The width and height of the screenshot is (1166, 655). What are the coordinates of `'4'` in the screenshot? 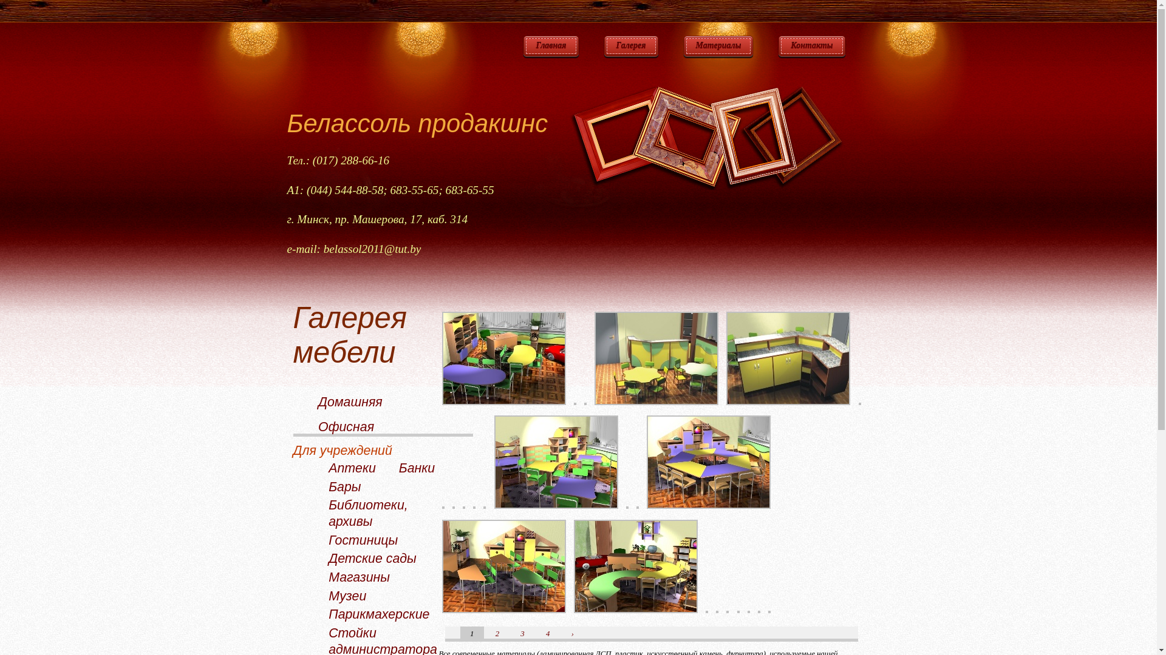 It's located at (545, 633).